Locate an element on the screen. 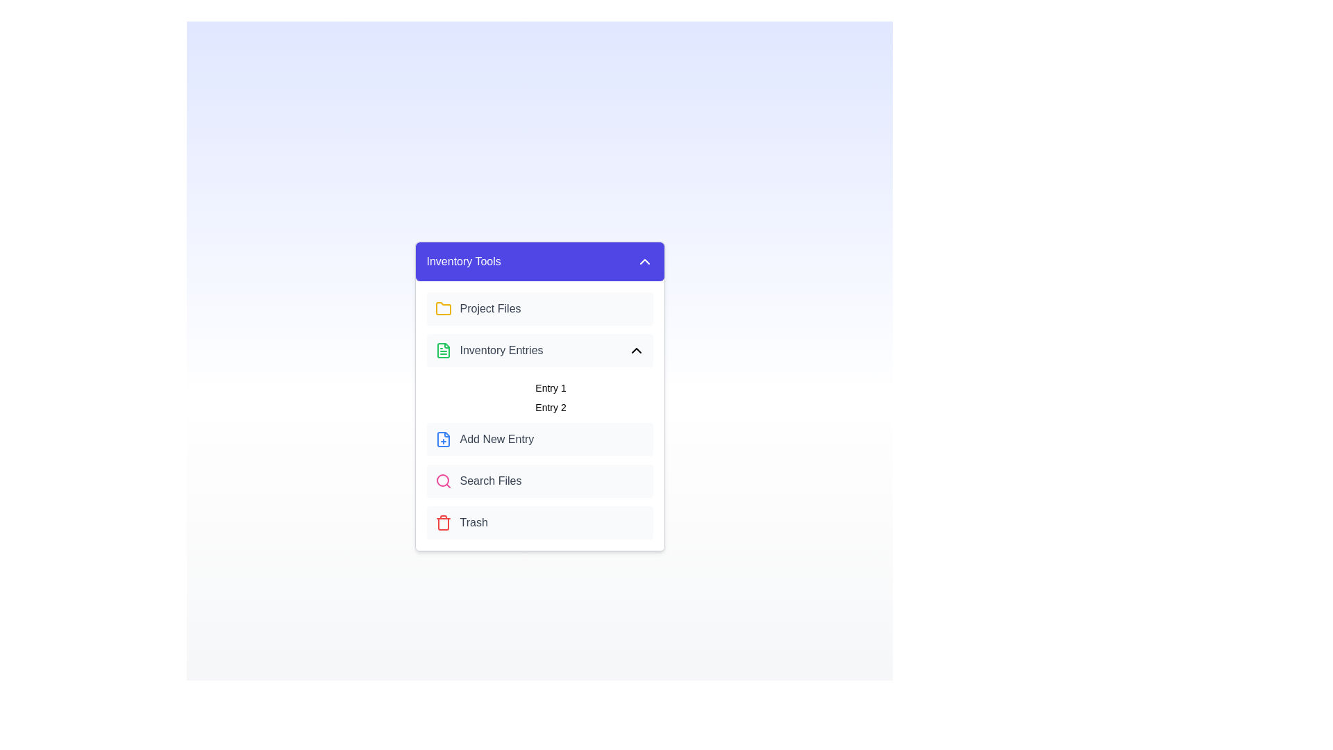  the 'Inventory Entries' label, which is styled as an important selectable option in gray color is located at coordinates (501, 350).